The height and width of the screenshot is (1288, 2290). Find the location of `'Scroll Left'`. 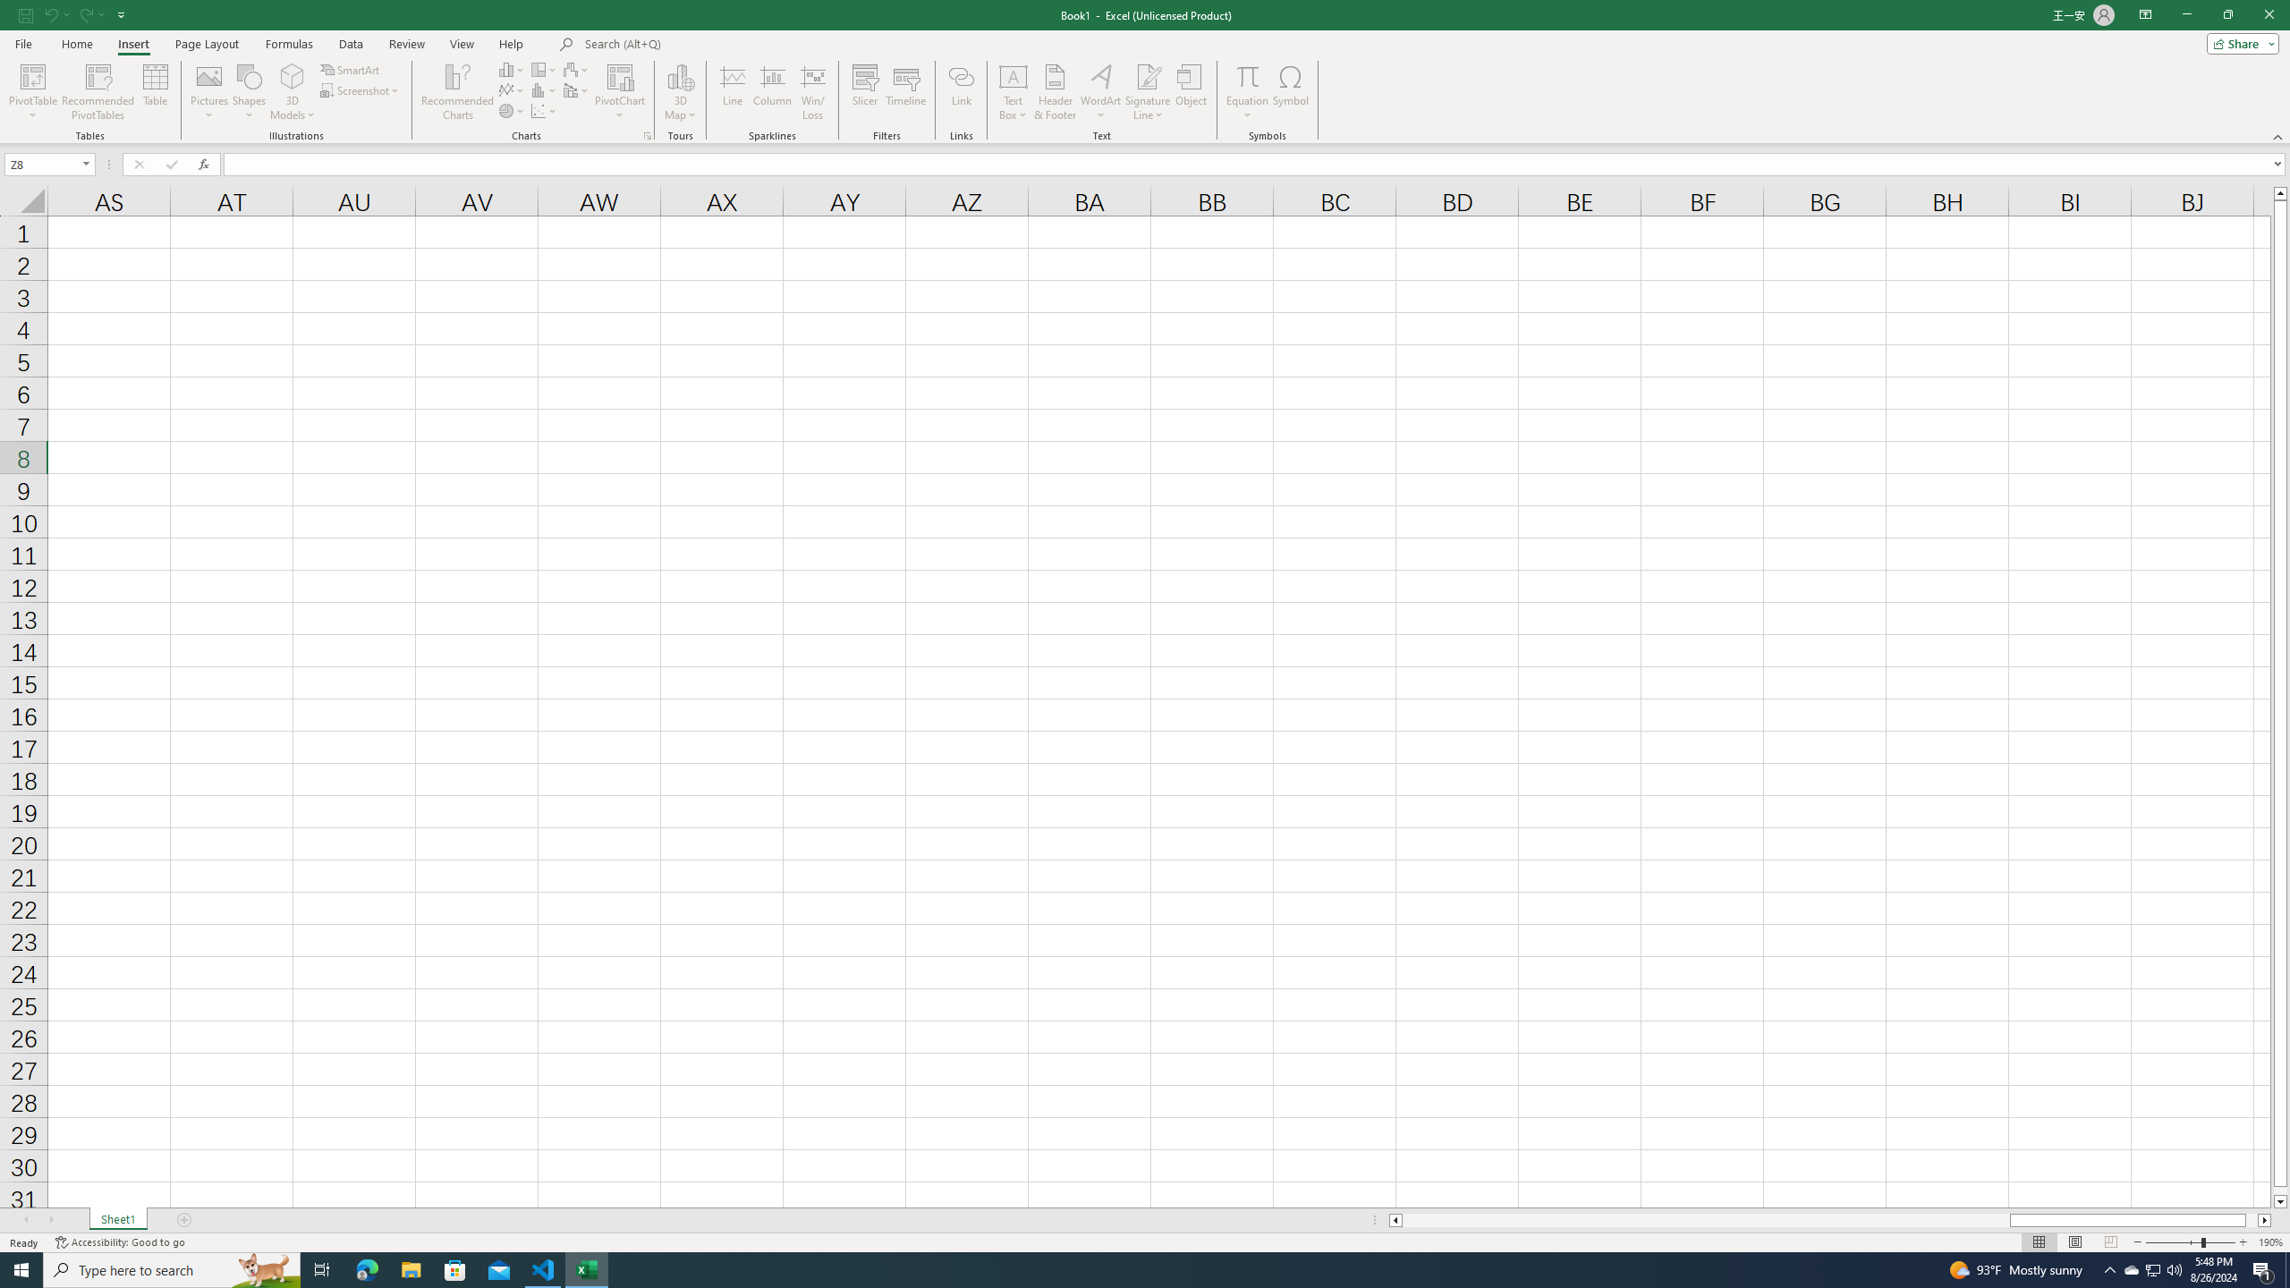

'Scroll Left' is located at coordinates (25, 1219).